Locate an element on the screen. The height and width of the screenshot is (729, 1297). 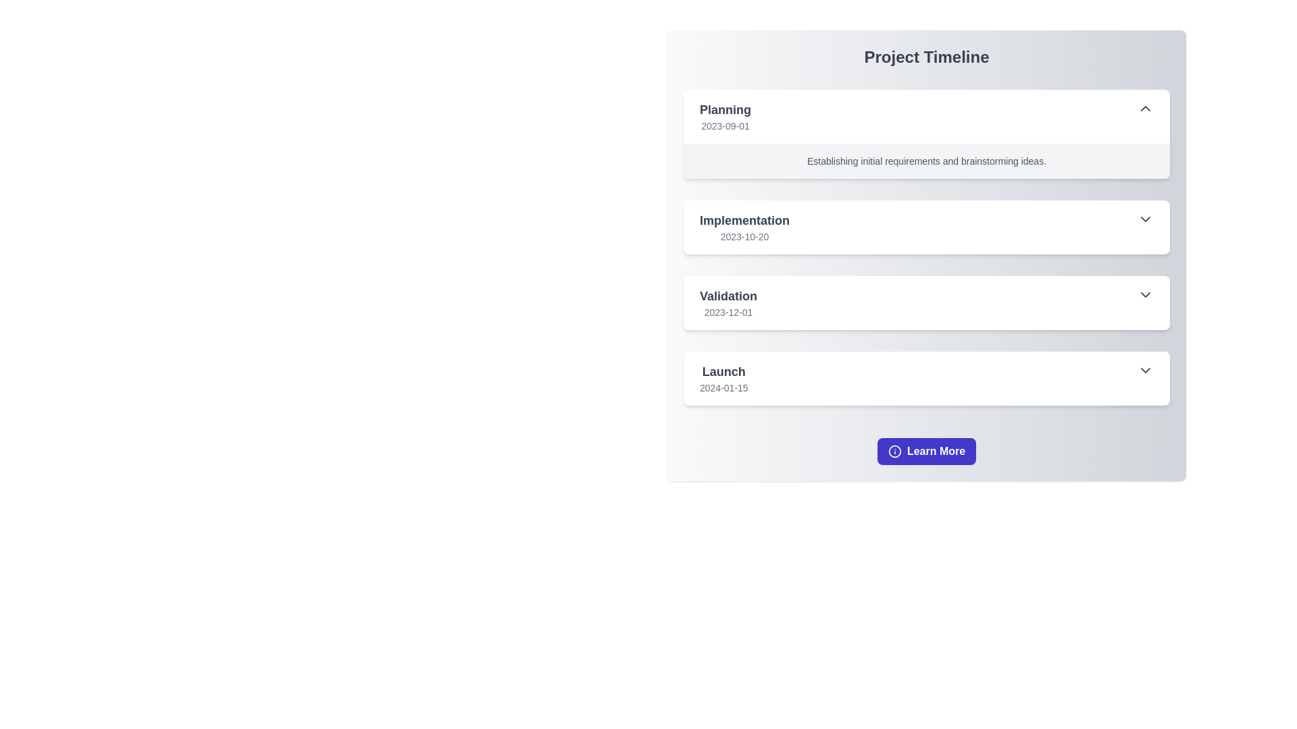
the informational marker icon located inside the 'Learn More' button at the bottom-center of the interface is located at coordinates (894, 451).